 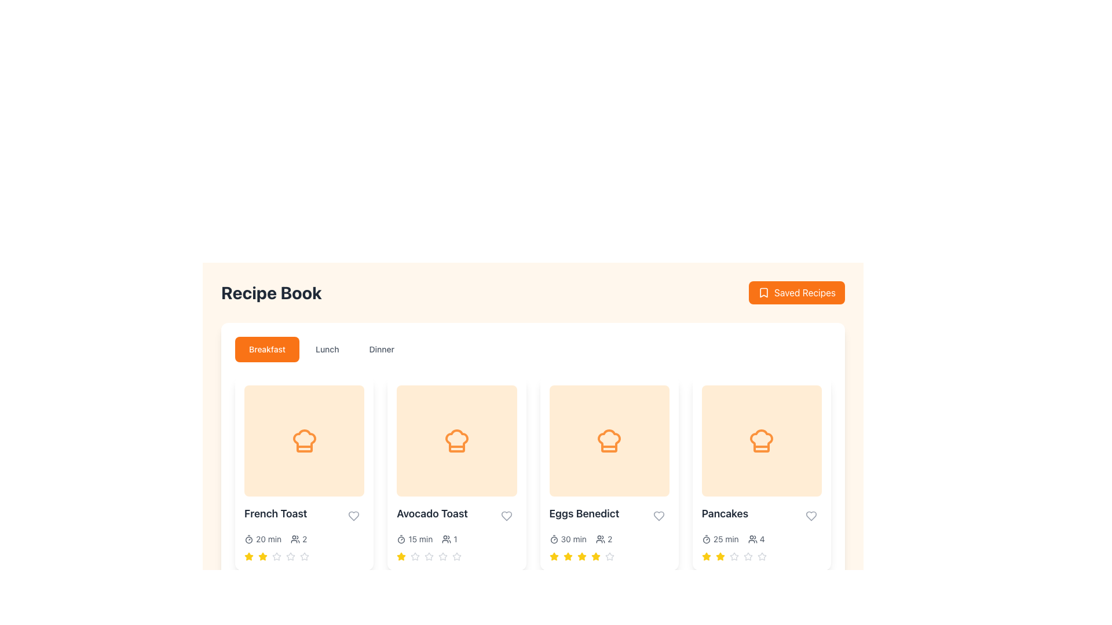 I want to click on the first star icon to rate the 'French Toast' recipe with one star, located in the lower-left area of the recipe card in the Breakfast category, so click(x=248, y=556).